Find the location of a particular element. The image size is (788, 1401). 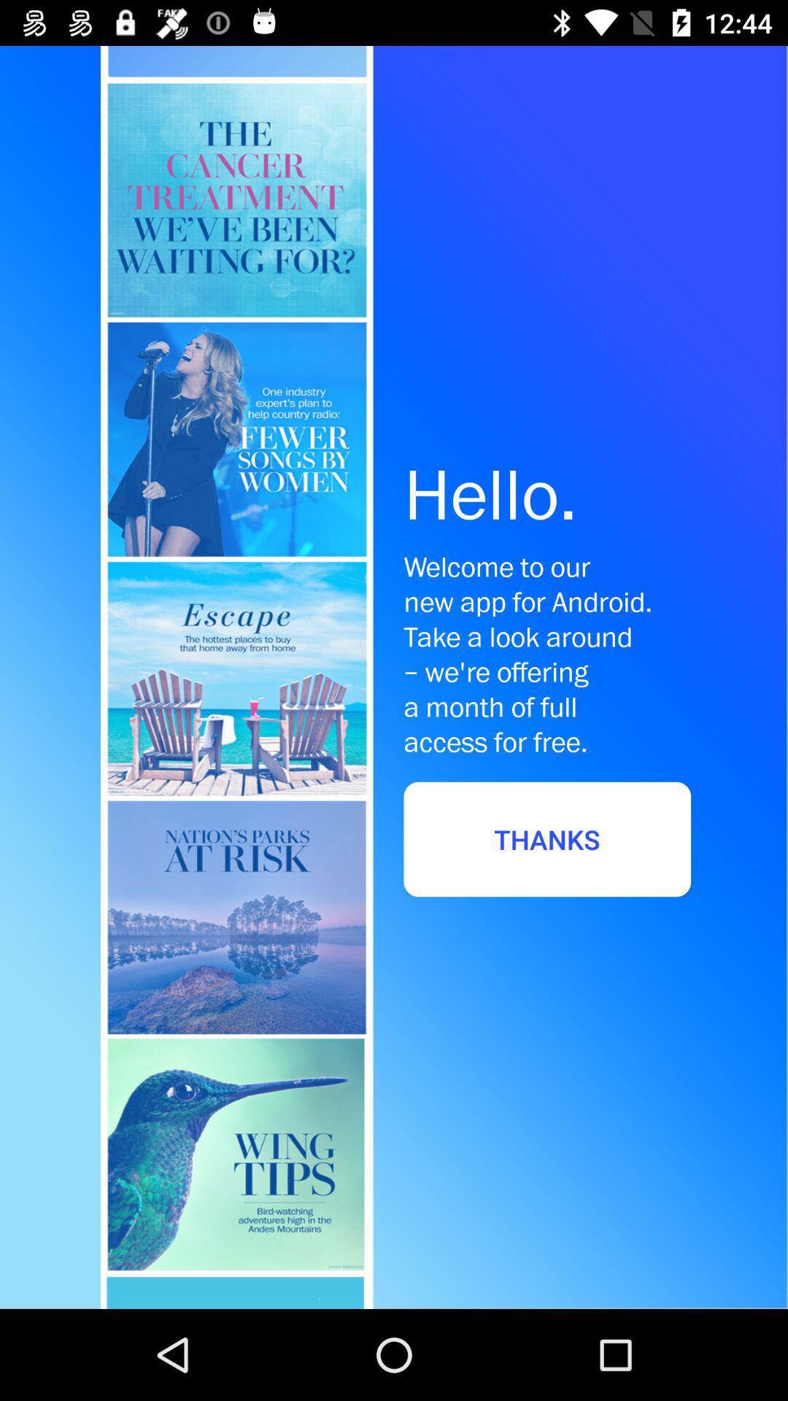

thanks button is located at coordinates (547, 839).